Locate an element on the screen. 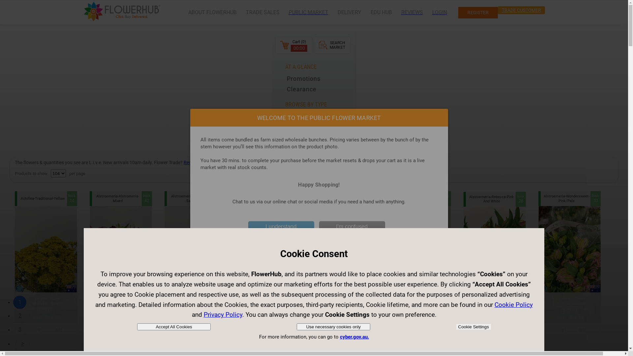 The width and height of the screenshot is (633, 356). 'REVIEWS' is located at coordinates (411, 13).